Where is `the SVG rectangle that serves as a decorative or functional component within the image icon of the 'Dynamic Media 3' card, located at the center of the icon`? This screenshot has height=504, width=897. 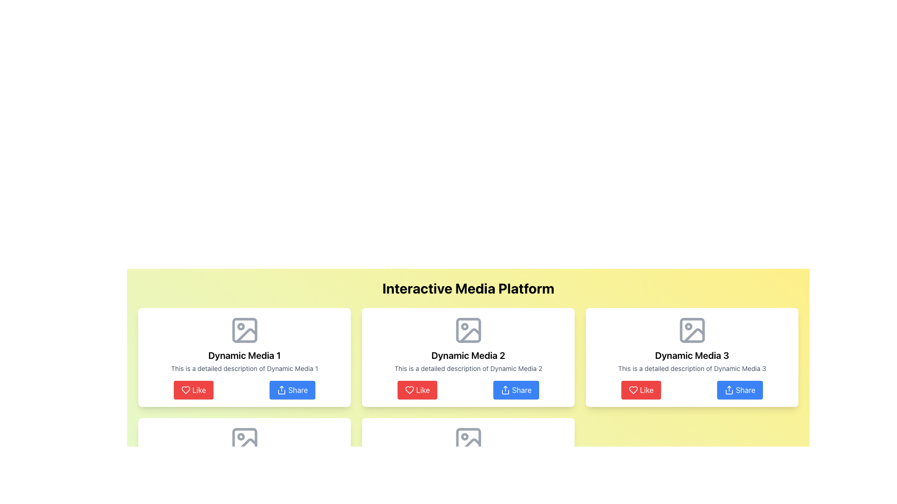 the SVG rectangle that serves as a decorative or functional component within the image icon of the 'Dynamic Media 3' card, located at the center of the icon is located at coordinates (692, 330).